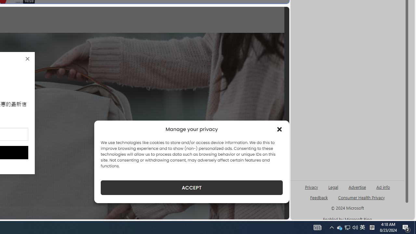  Describe the element at coordinates (279, 129) in the screenshot. I see `'Class: cmplz-close'` at that location.